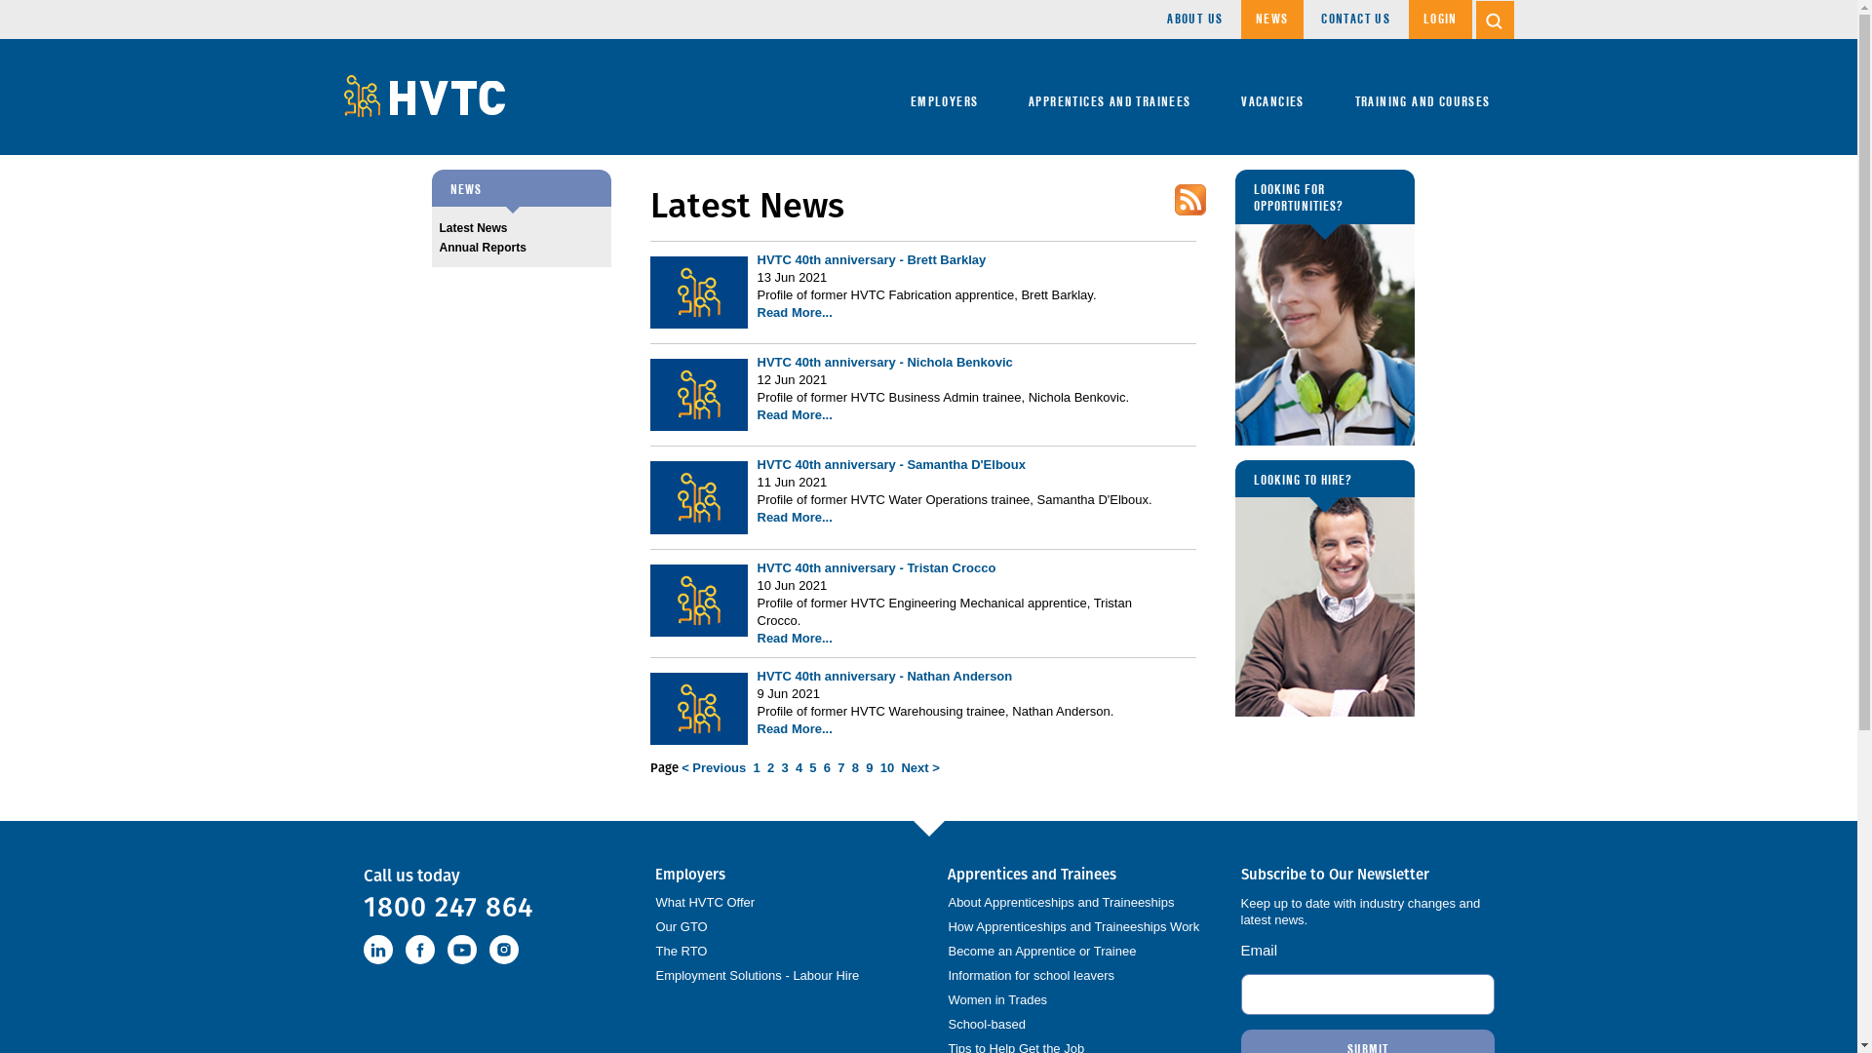  Describe the element at coordinates (855, 766) in the screenshot. I see `'8'` at that location.